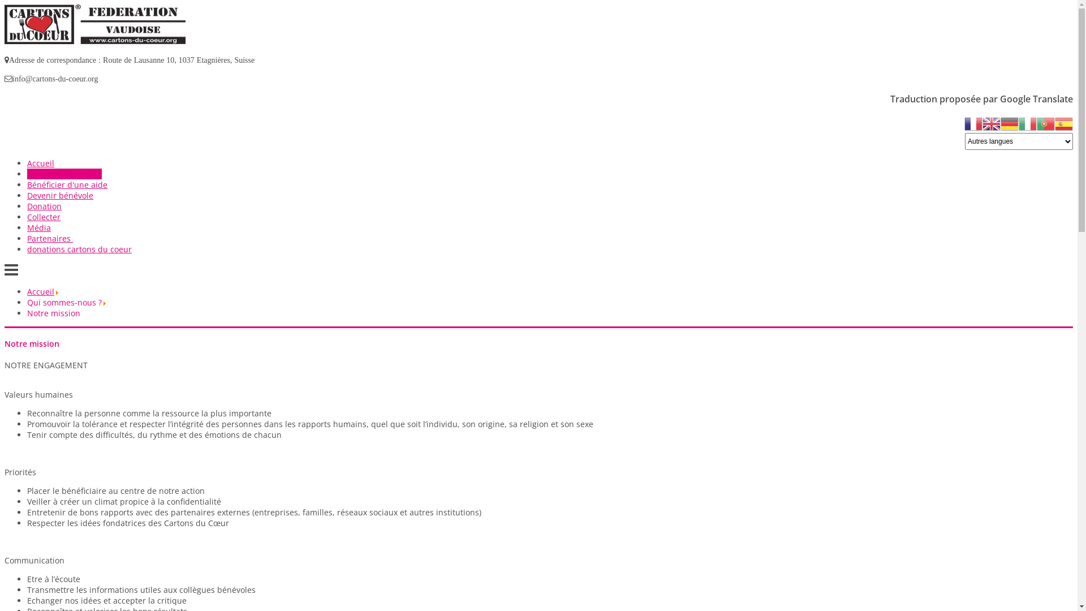 The height and width of the screenshot is (611, 1086). What do you see at coordinates (1028, 123) in the screenshot?
I see `'Italian'` at bounding box center [1028, 123].